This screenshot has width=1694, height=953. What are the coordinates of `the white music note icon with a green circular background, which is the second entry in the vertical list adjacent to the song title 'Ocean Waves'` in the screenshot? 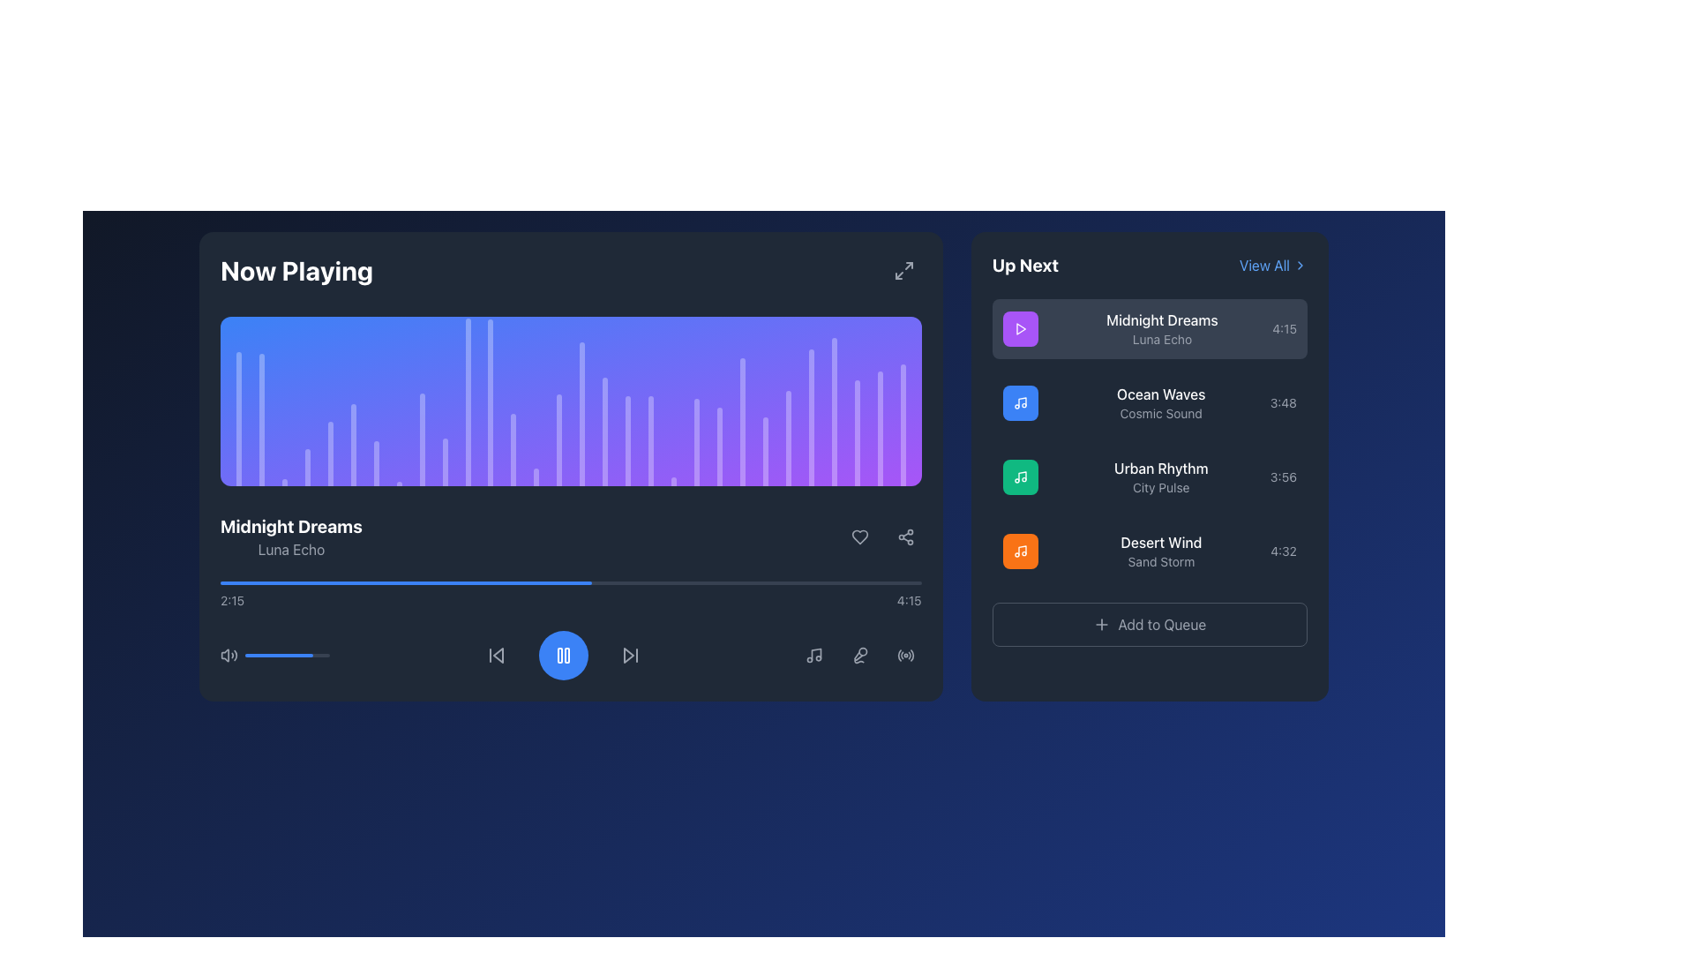 It's located at (1020, 476).